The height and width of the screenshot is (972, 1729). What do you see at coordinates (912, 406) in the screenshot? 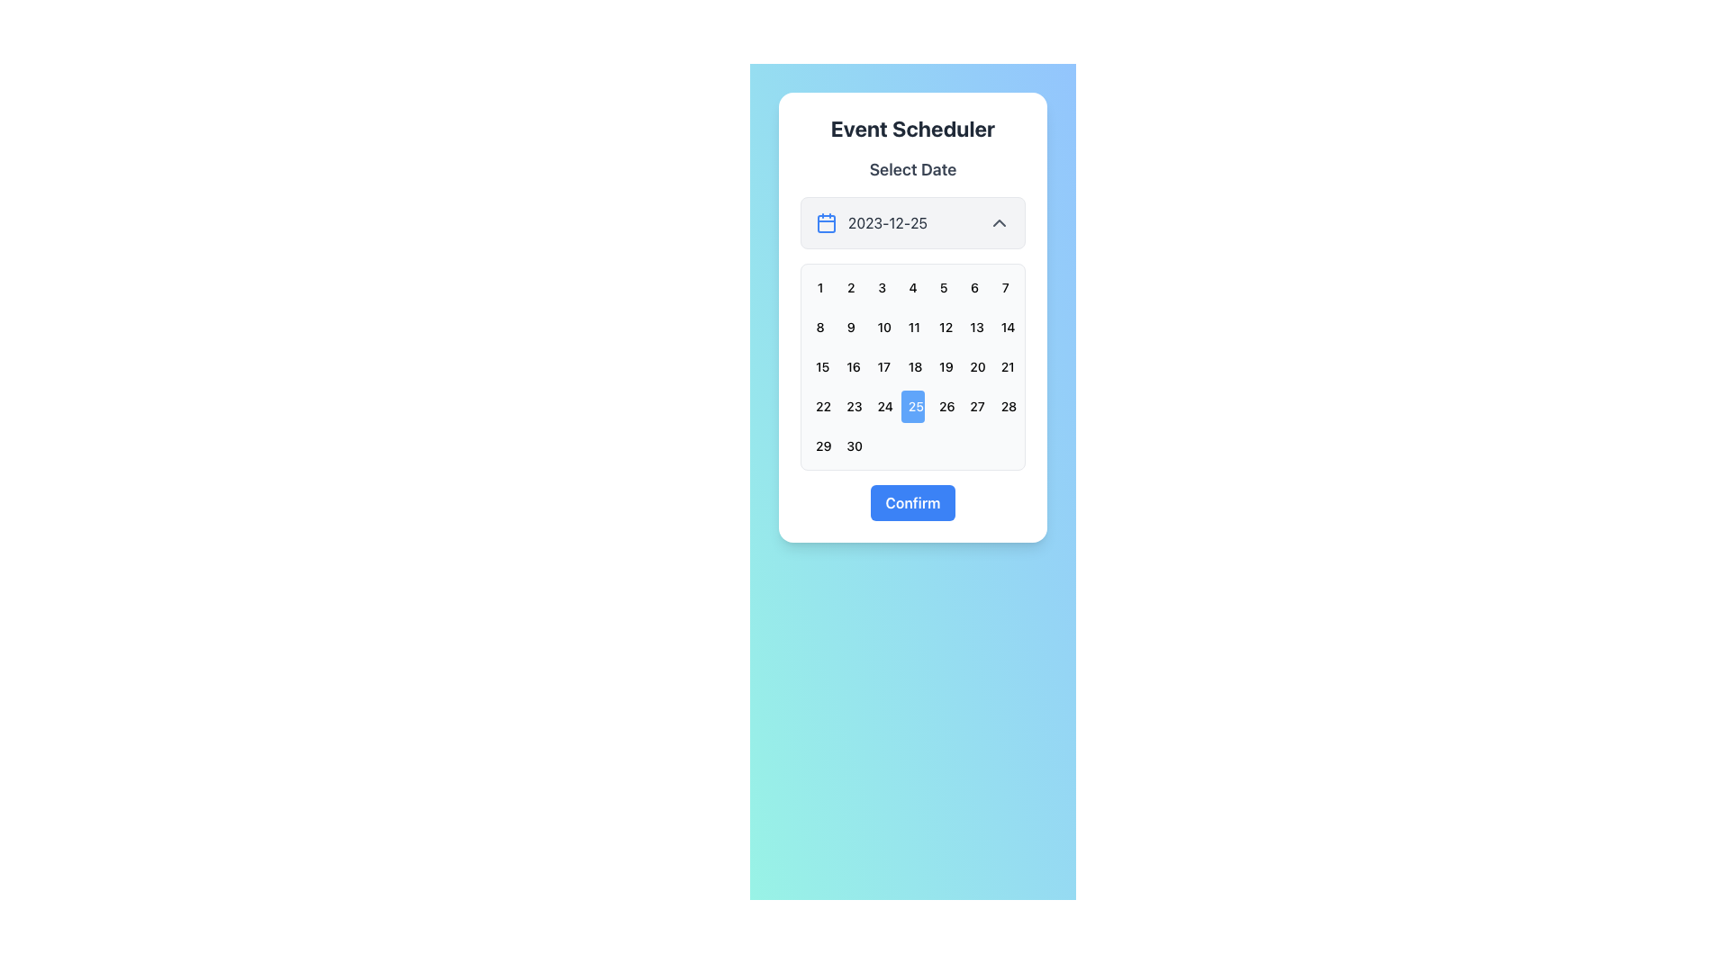
I see `the blue rectangular button with rounded corners displaying '25'` at bounding box center [912, 406].